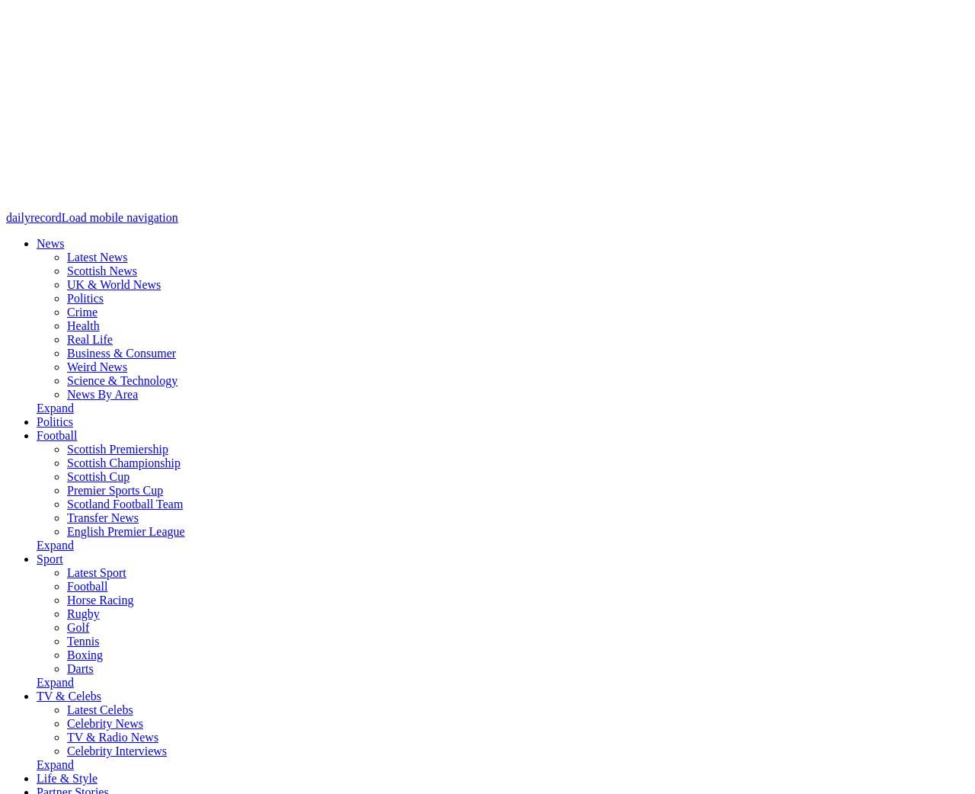  I want to click on 'Sport', so click(37, 558).